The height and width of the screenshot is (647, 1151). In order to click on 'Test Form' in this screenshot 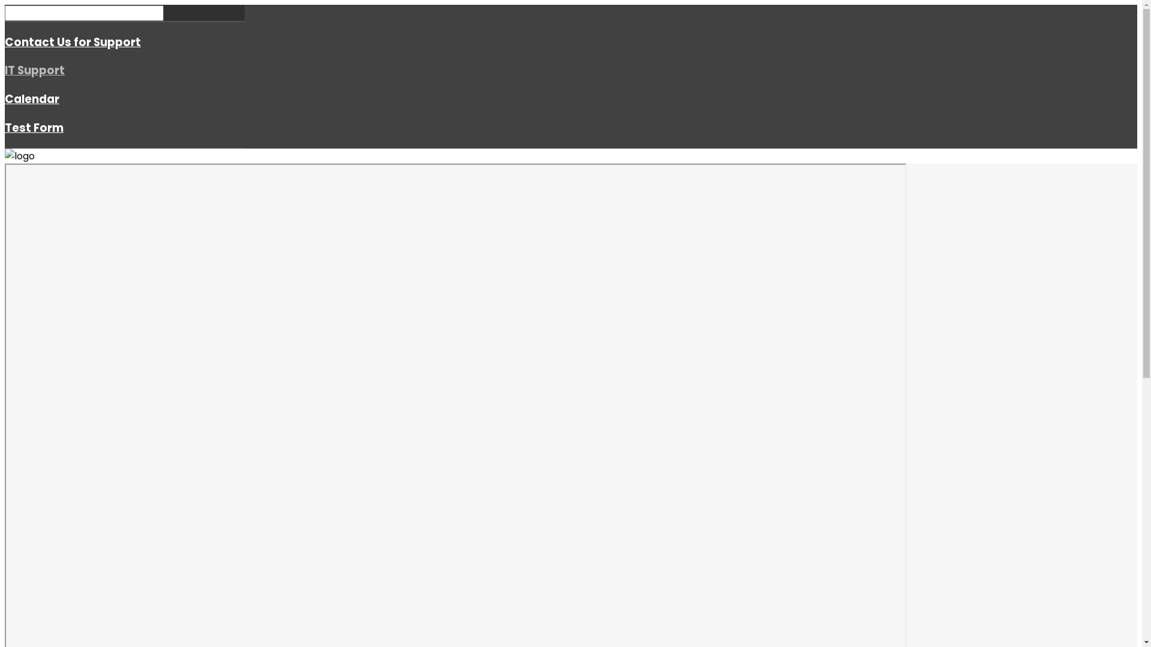, I will do `click(5, 128)`.